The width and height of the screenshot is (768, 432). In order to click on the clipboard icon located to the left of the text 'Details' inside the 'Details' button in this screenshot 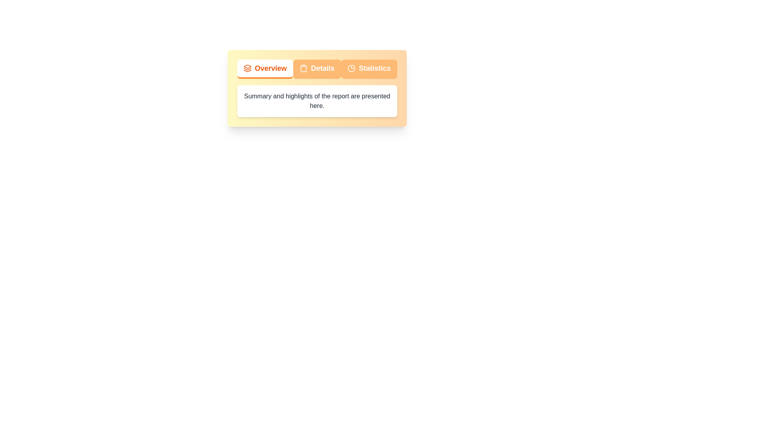, I will do `click(303, 68)`.